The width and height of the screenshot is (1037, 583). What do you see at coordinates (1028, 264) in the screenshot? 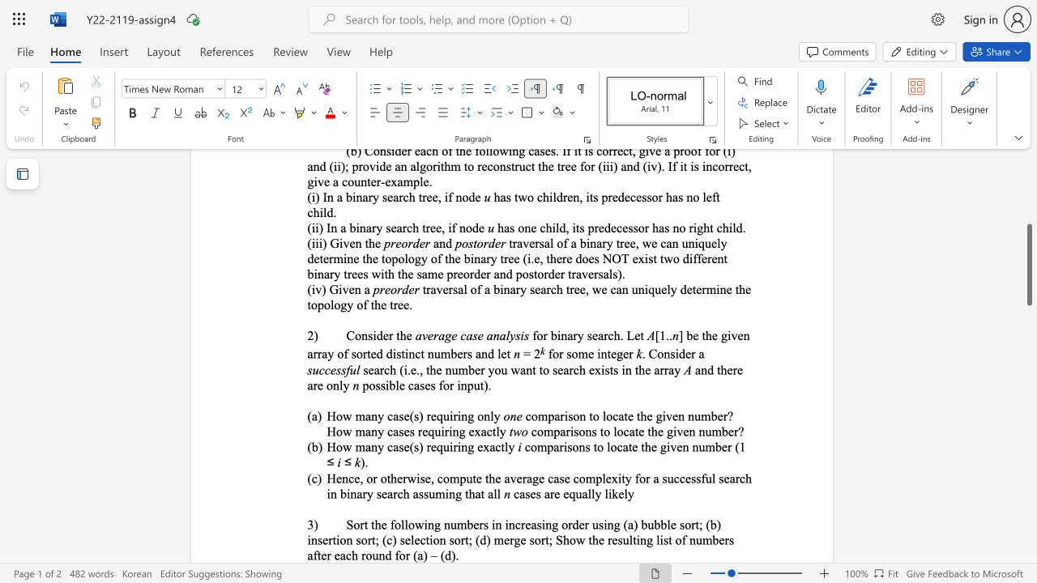
I see `the scrollbar and move down 510 pixels` at bounding box center [1028, 264].